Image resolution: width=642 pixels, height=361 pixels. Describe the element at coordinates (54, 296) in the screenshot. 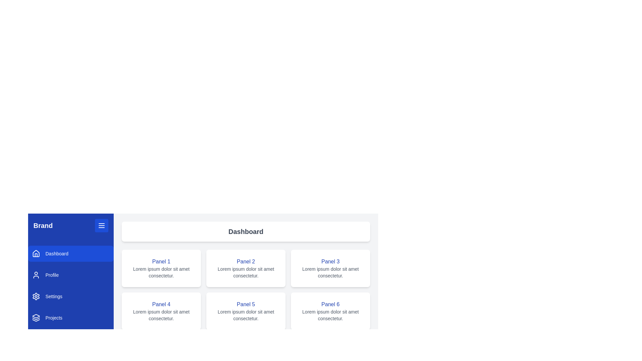

I see `the 'Settings' text label in the sidebar menu, which is styled in a small sans-serif font and associated with a gear icon for configuration` at that location.